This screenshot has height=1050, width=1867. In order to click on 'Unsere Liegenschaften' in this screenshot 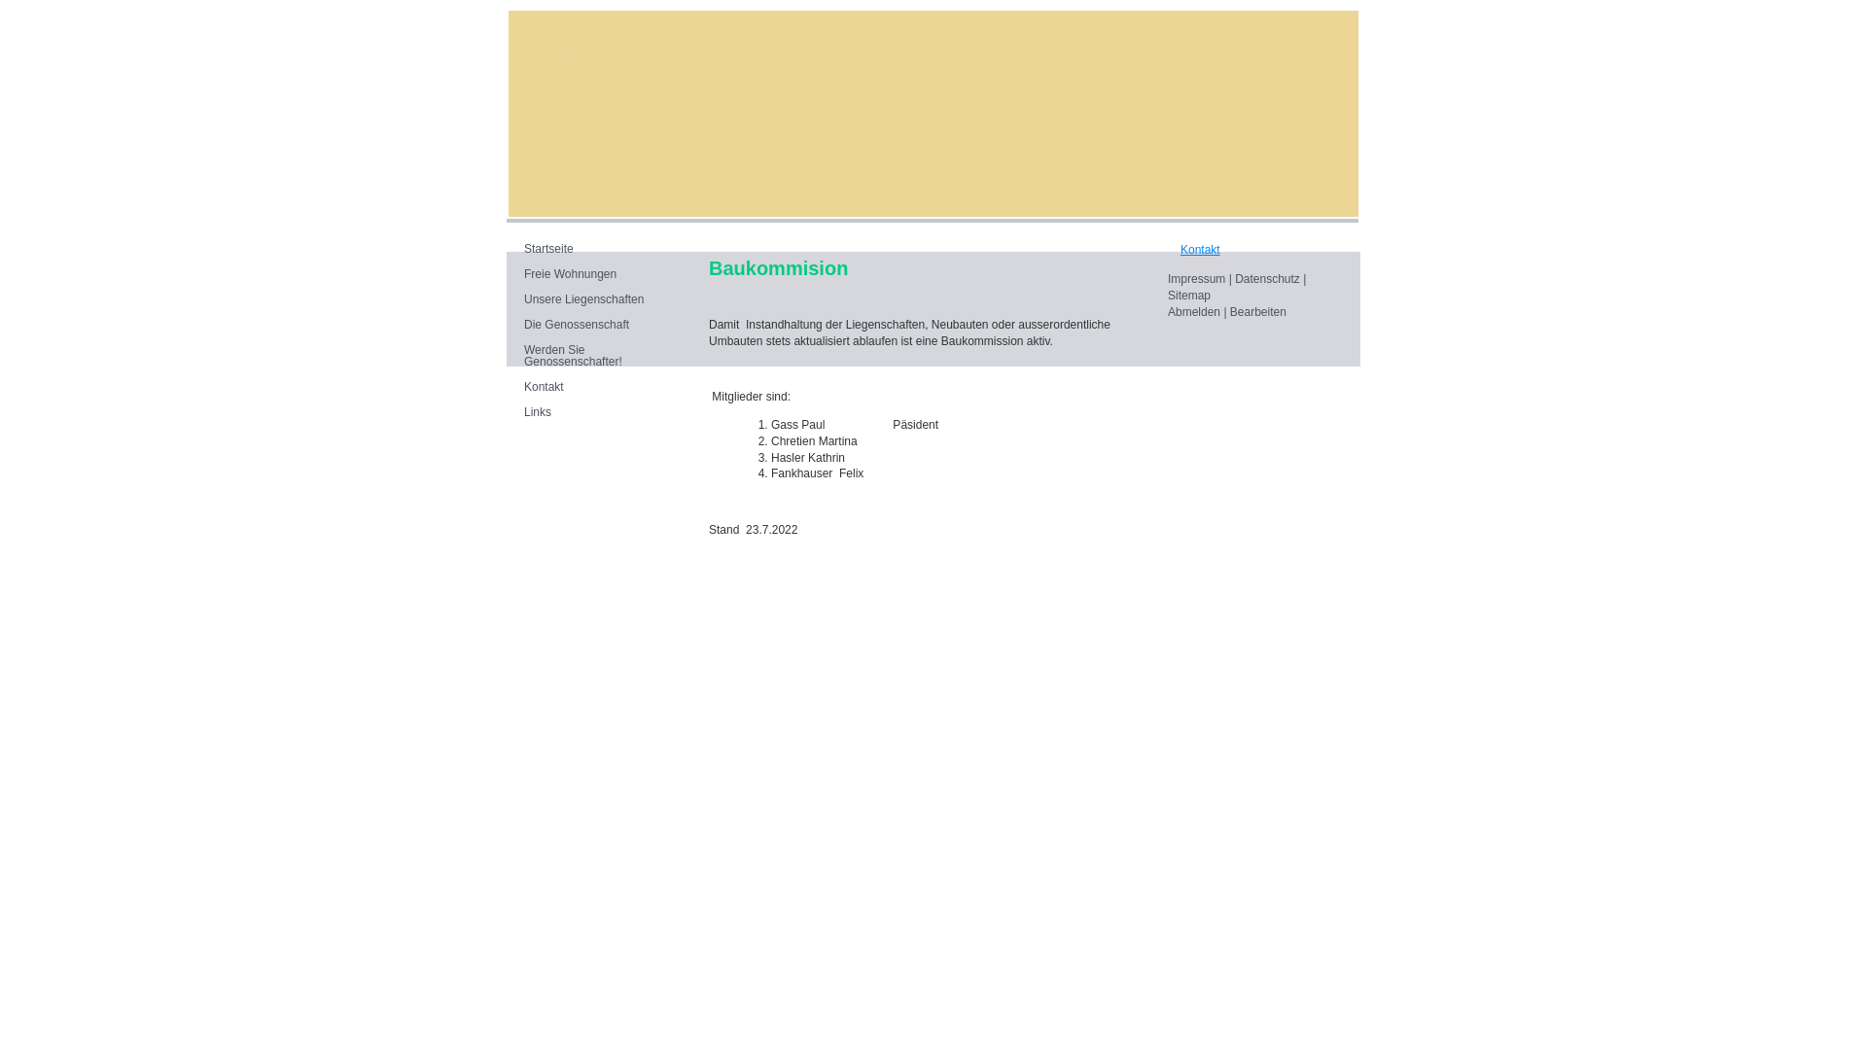, I will do `click(598, 299)`.